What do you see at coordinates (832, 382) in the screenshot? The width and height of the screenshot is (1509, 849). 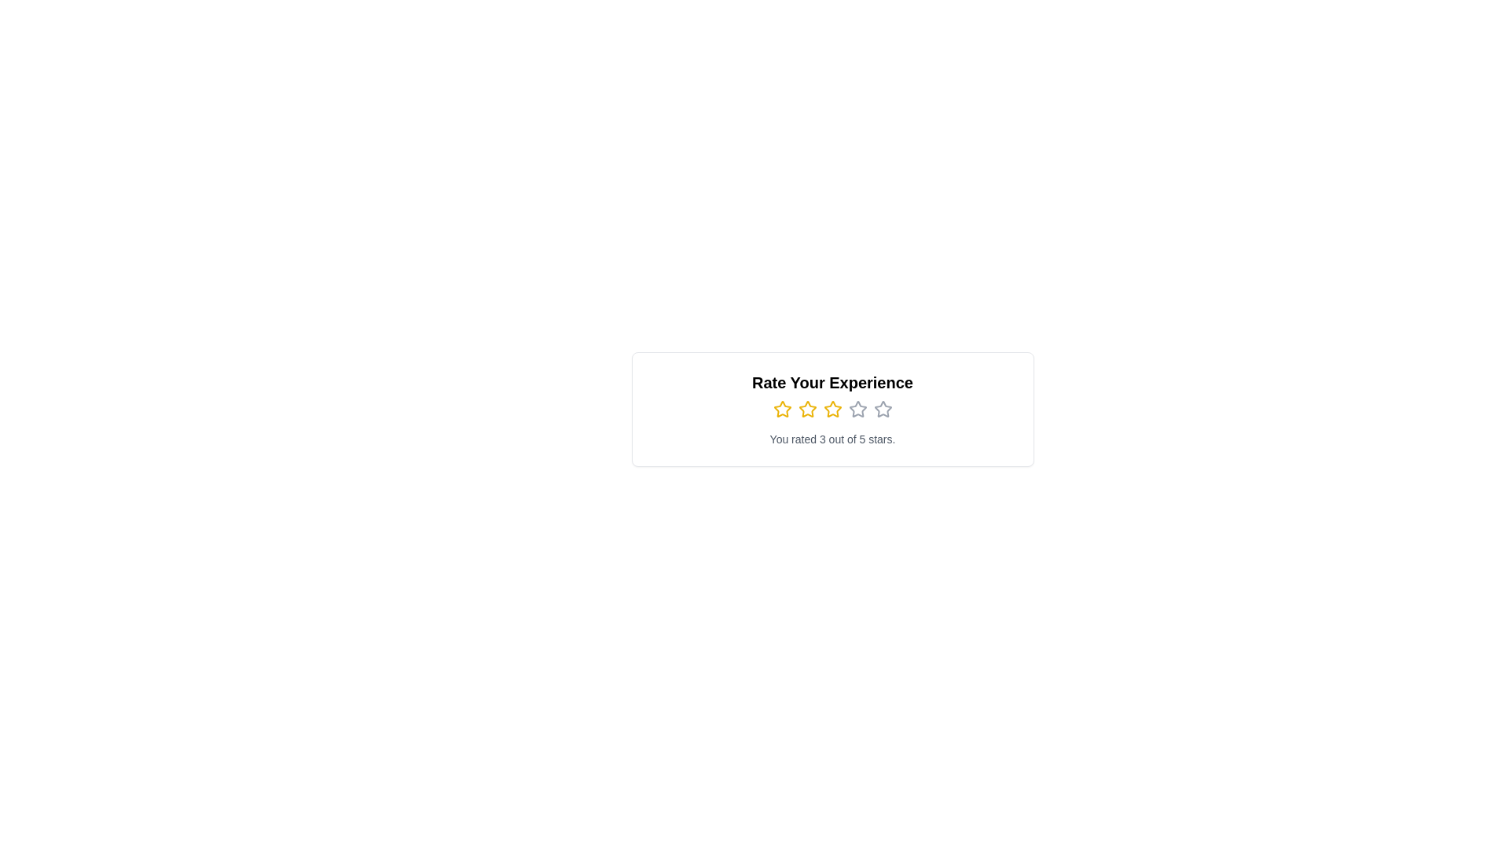 I see `header text that says 'Rate Your Experience', which is bold and centered at the top of the card-like section` at bounding box center [832, 382].